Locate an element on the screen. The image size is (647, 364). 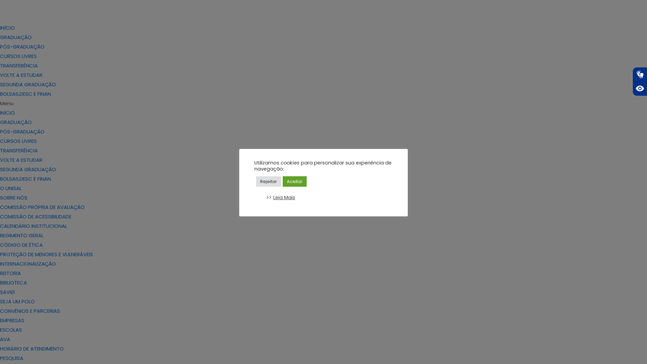
'BIBLIOTECA' is located at coordinates (13, 282).